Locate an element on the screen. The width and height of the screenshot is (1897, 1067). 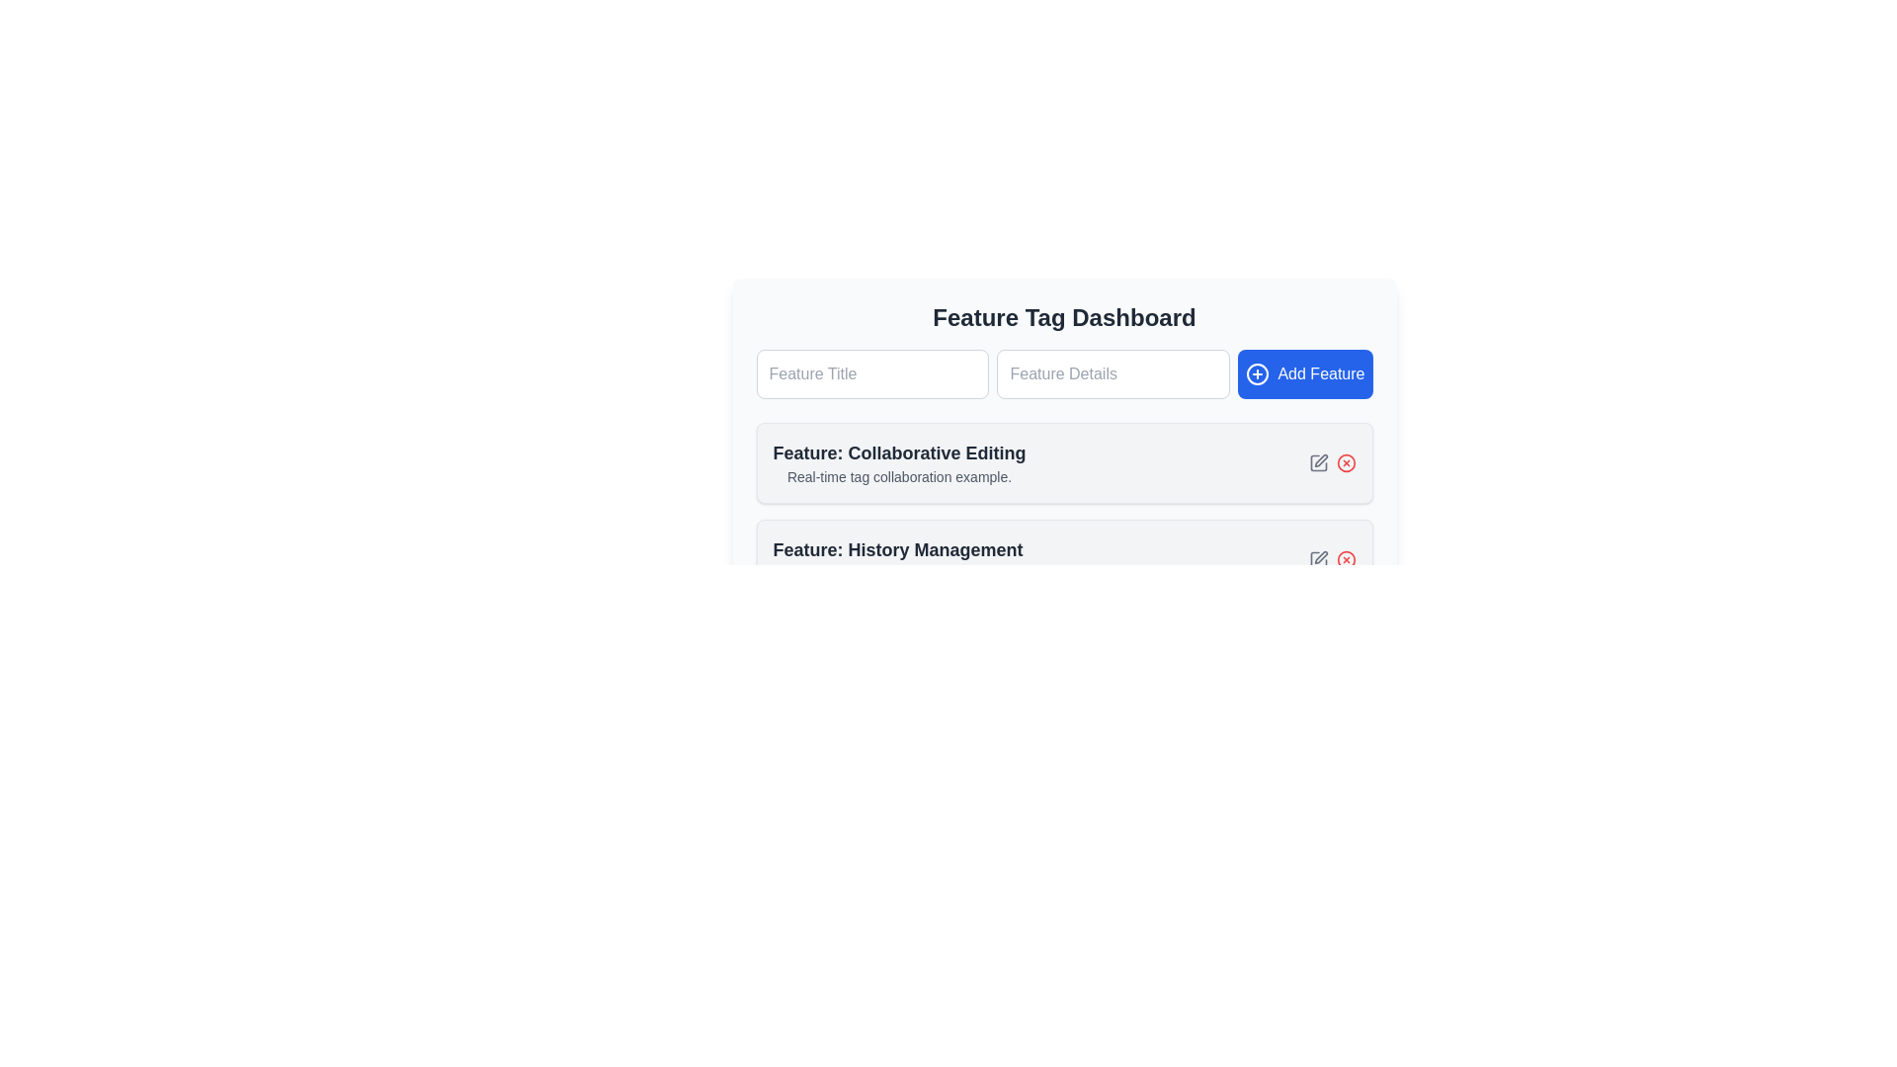
the button located at the far right of a horizontal group of inputs and buttons is located at coordinates (1305, 373).